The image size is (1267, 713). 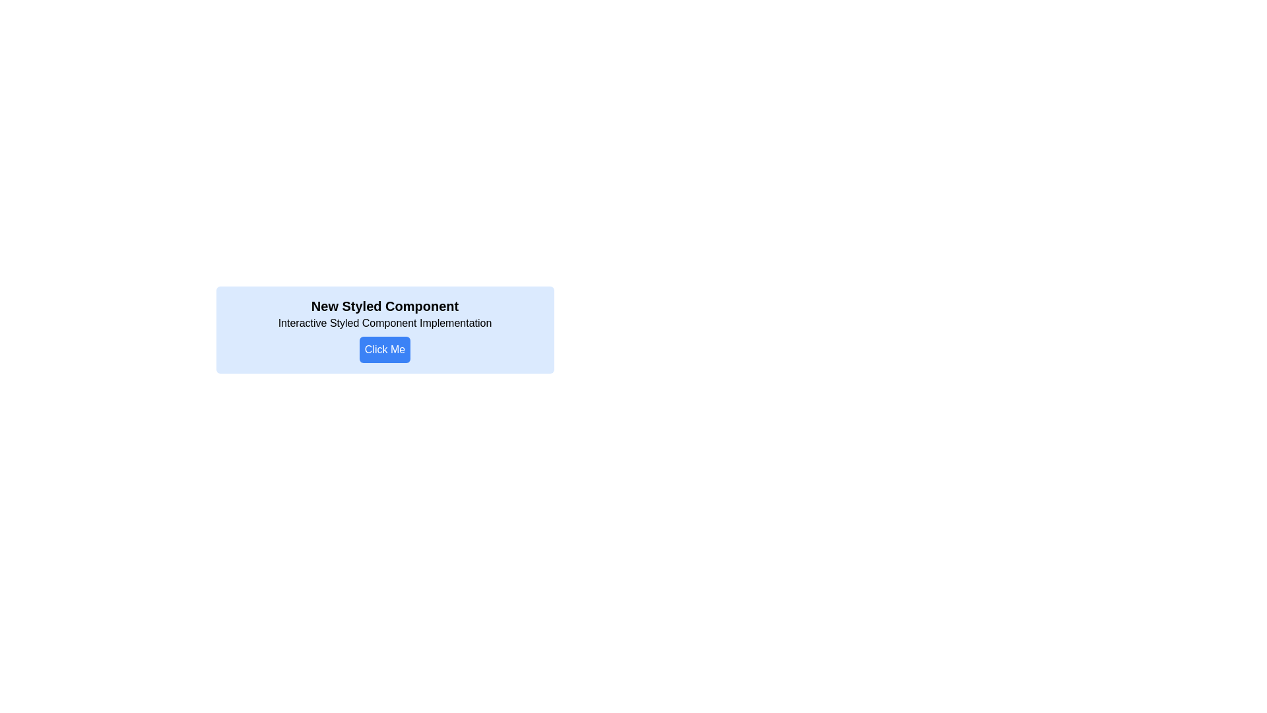 What do you see at coordinates (384, 323) in the screenshot?
I see `the Text label that provides additional context to the title 'New Styled Component', positioned above the button labeled 'Click Me'` at bounding box center [384, 323].